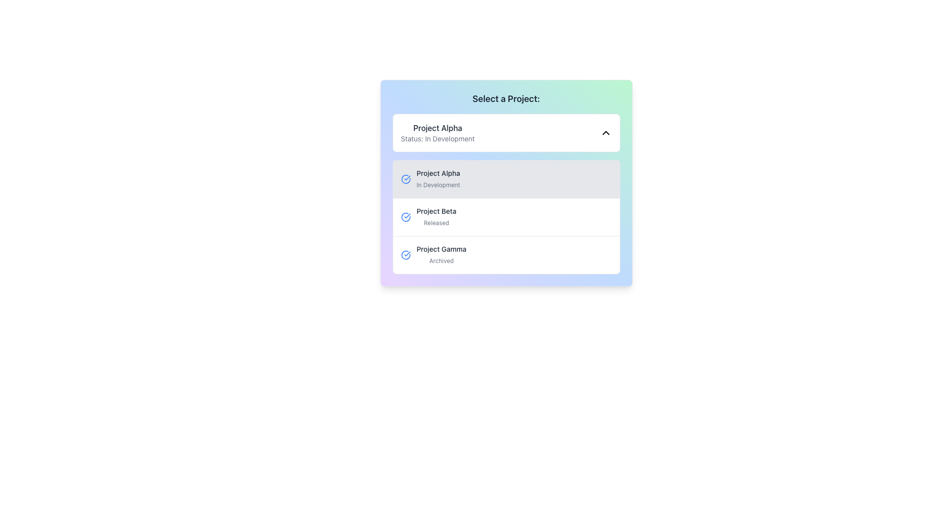 The width and height of the screenshot is (946, 532). I want to click on the outer circular outline of the SVG icon located to the left of the text 'Project Alpha' in the second row of the list under 'Select a Project', so click(405, 216).